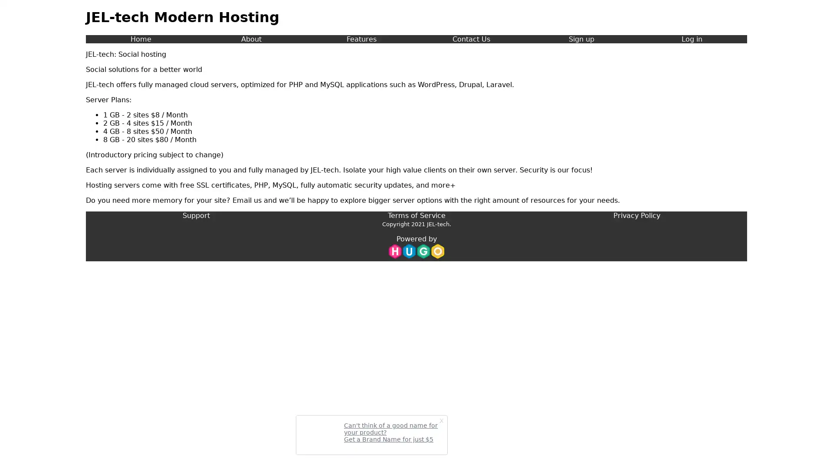 The image size is (833, 468). I want to click on Open chat widget, so click(813, 448).